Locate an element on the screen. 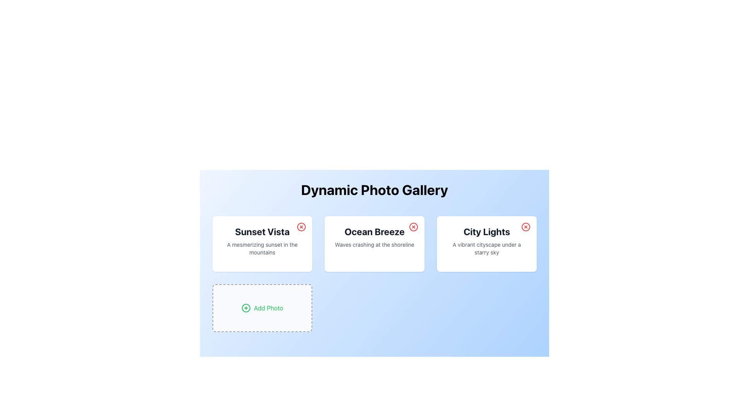  text block that displays 'Ocean Breeze' in bold and 'Waves crashing at the shoreline' below it, located in the center of a white card with rounded corners is located at coordinates (375, 236).